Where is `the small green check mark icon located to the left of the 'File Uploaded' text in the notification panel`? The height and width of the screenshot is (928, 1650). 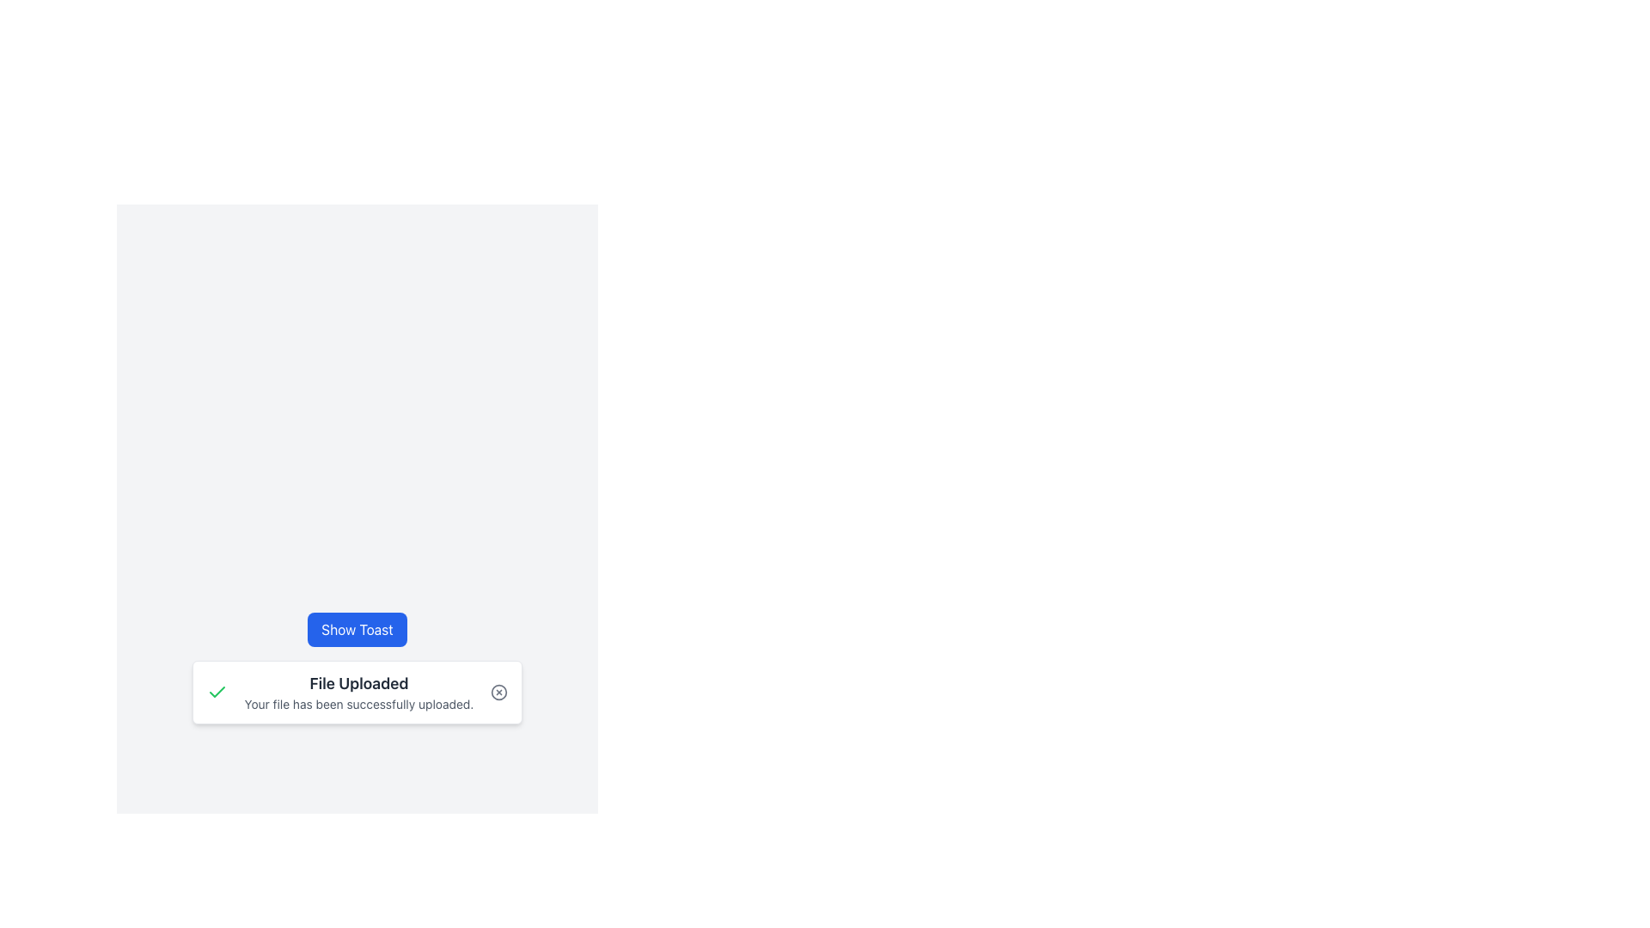
the small green check mark icon located to the left of the 'File Uploaded' text in the notification panel is located at coordinates (217, 692).